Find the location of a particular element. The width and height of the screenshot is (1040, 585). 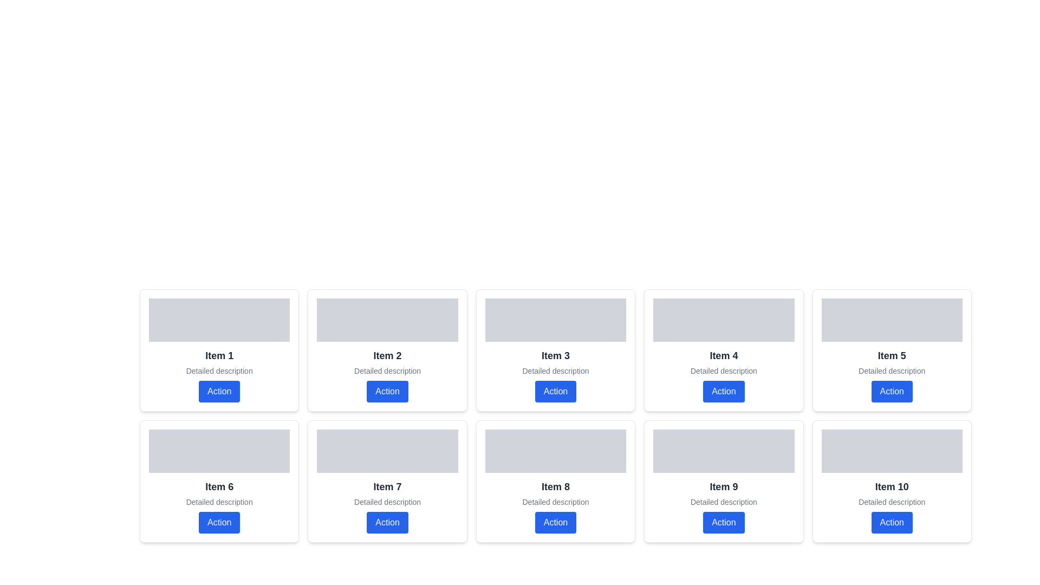

the descriptive Text label located below the title 'Item 5' and above the 'Action' button in the fifth card of the grid layout is located at coordinates (892, 370).